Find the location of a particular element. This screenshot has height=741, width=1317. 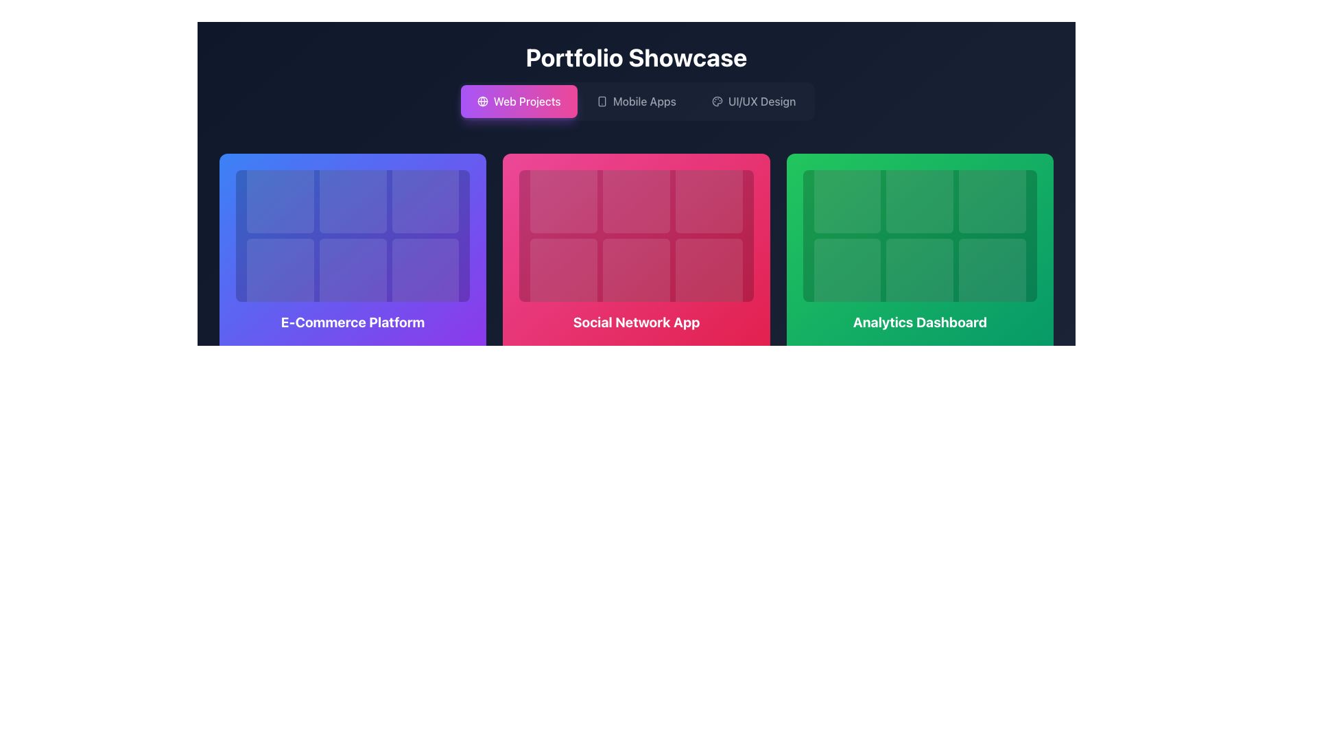

the 'Mobile Apps' icon in the navigation menu, which is positioned to the left of the 'Mobile Apps' text is located at coordinates (602, 100).